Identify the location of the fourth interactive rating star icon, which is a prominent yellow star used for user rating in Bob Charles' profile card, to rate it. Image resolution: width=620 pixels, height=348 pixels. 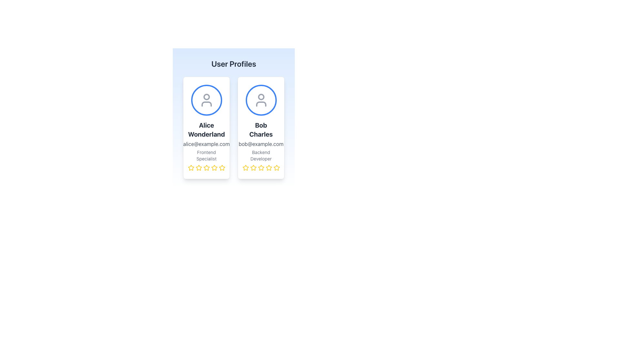
(269, 167).